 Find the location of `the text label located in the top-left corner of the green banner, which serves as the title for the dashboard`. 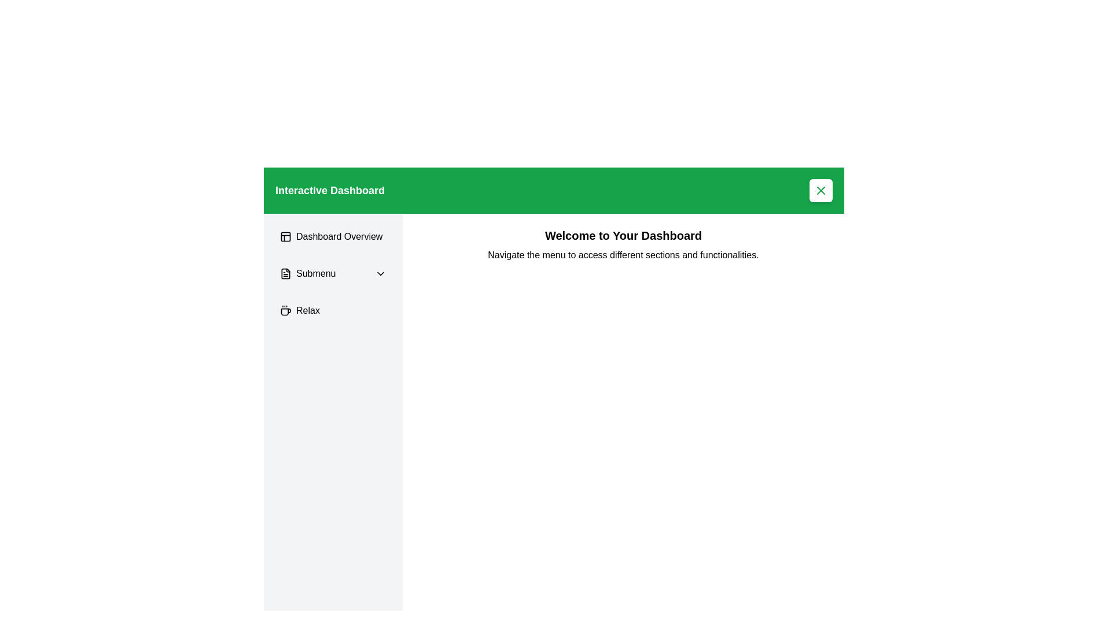

the text label located in the top-left corner of the green banner, which serves as the title for the dashboard is located at coordinates (329, 190).